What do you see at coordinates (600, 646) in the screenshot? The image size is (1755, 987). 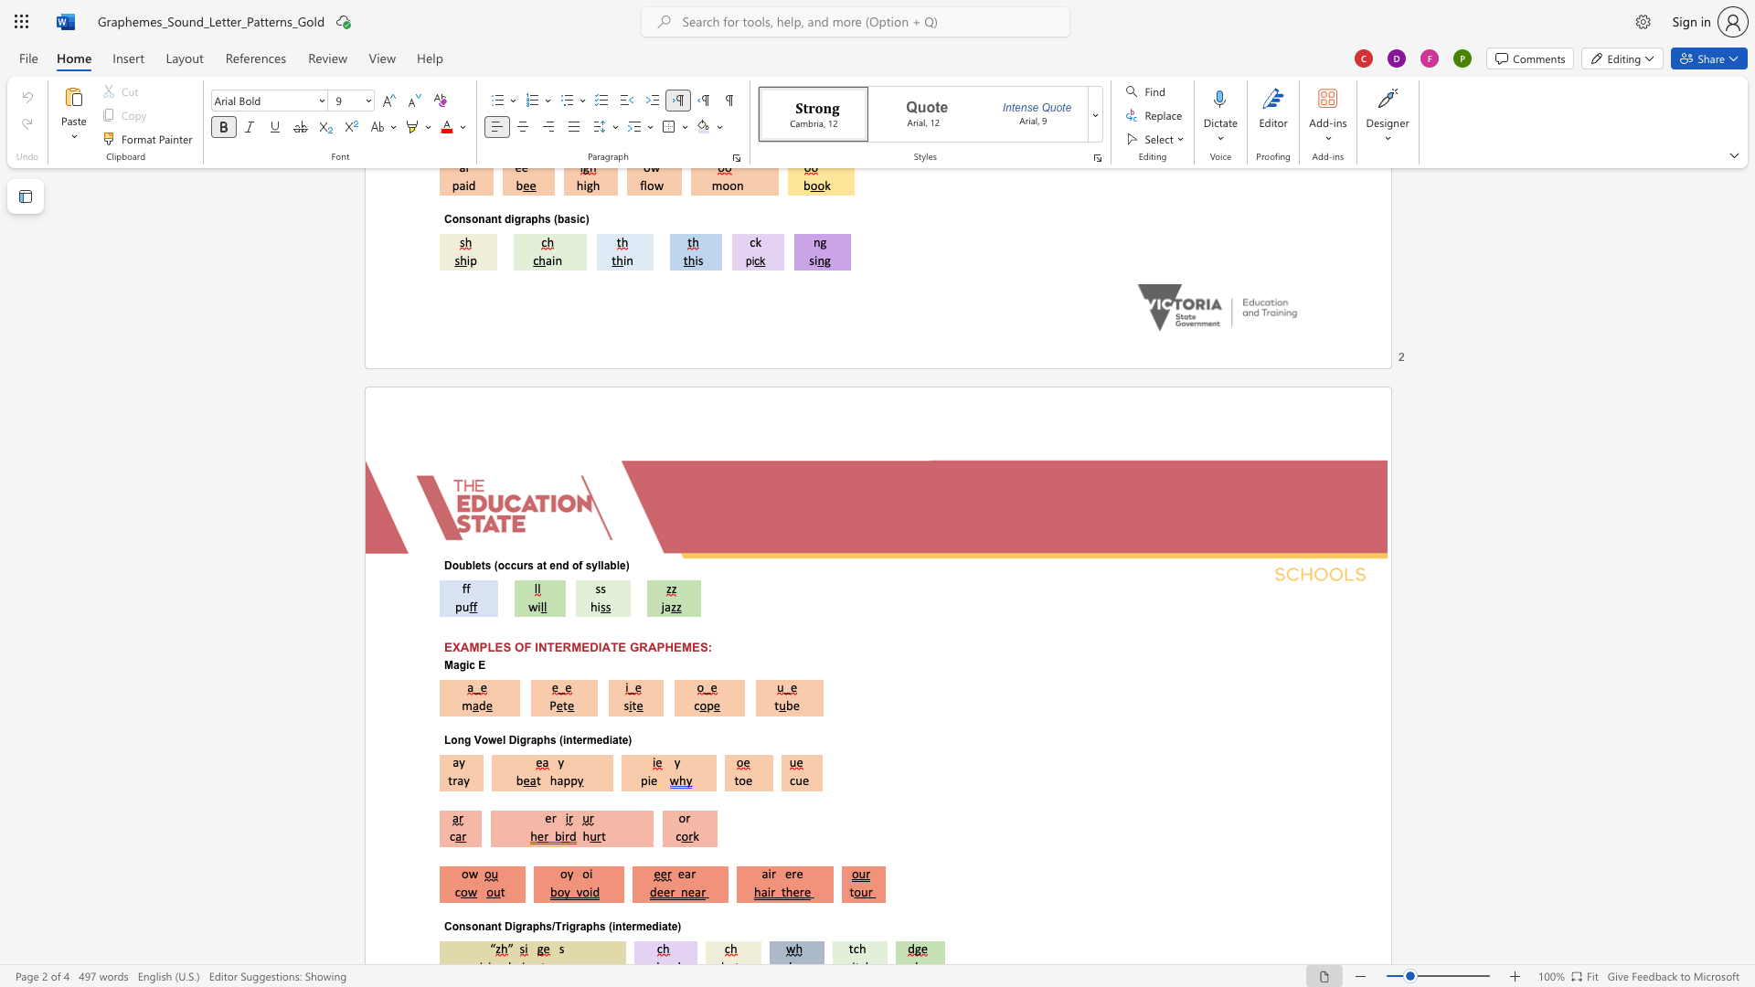 I see `the 2th character "I" in the text` at bounding box center [600, 646].